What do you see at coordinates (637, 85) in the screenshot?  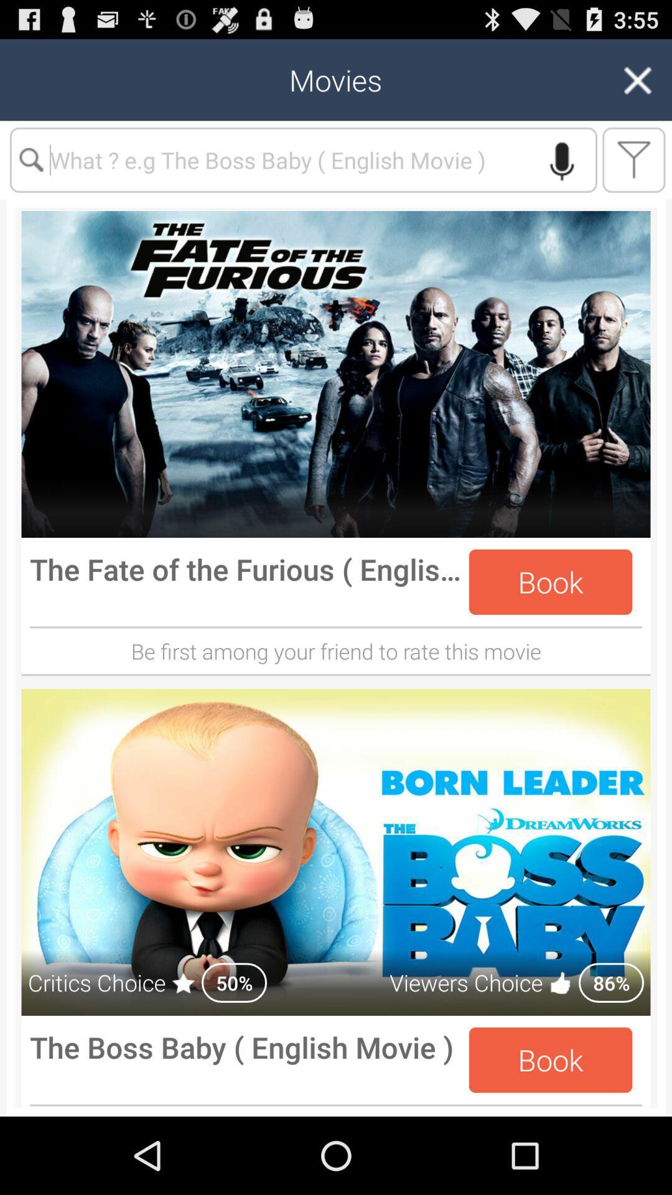 I see `the close icon` at bounding box center [637, 85].